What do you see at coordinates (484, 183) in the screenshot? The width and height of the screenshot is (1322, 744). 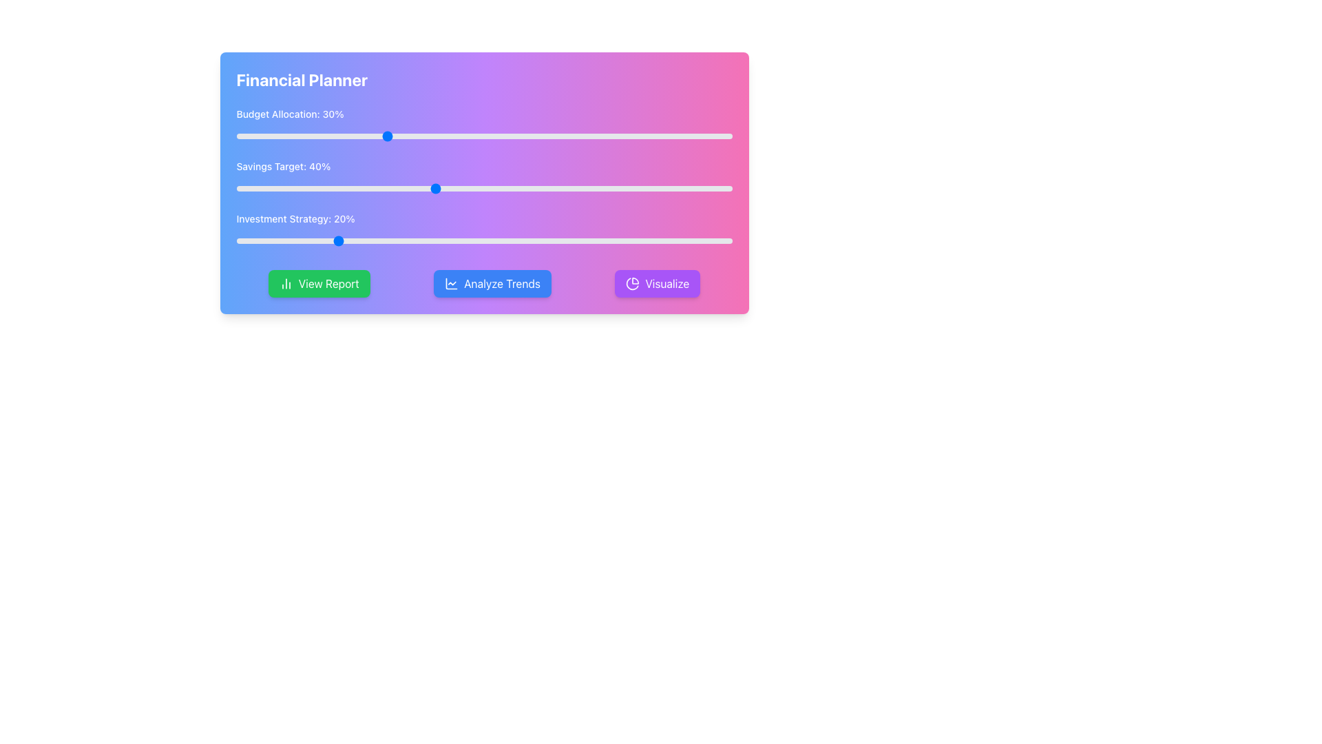 I see `the blue knob of the slider indicating a value of 40% under the label 'Savings Target: 40%' in the financial planner section` at bounding box center [484, 183].